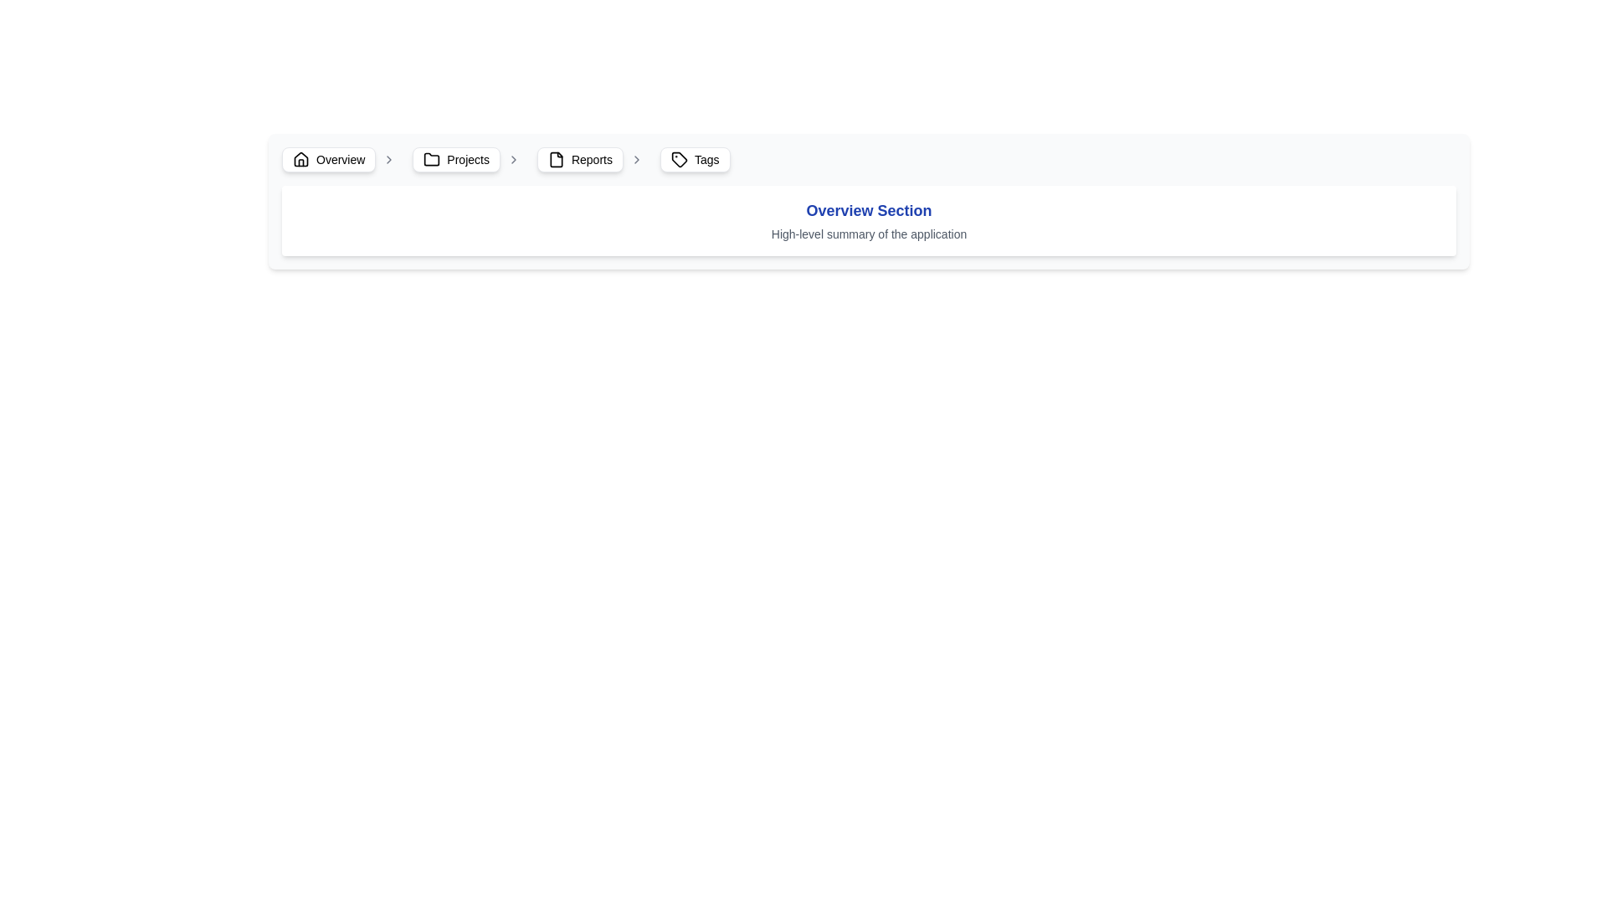  I want to click on the folder icon located in the navigation breadcrumb bar, positioned between the 'Overview' and 'Reports' icons, so click(432, 159).